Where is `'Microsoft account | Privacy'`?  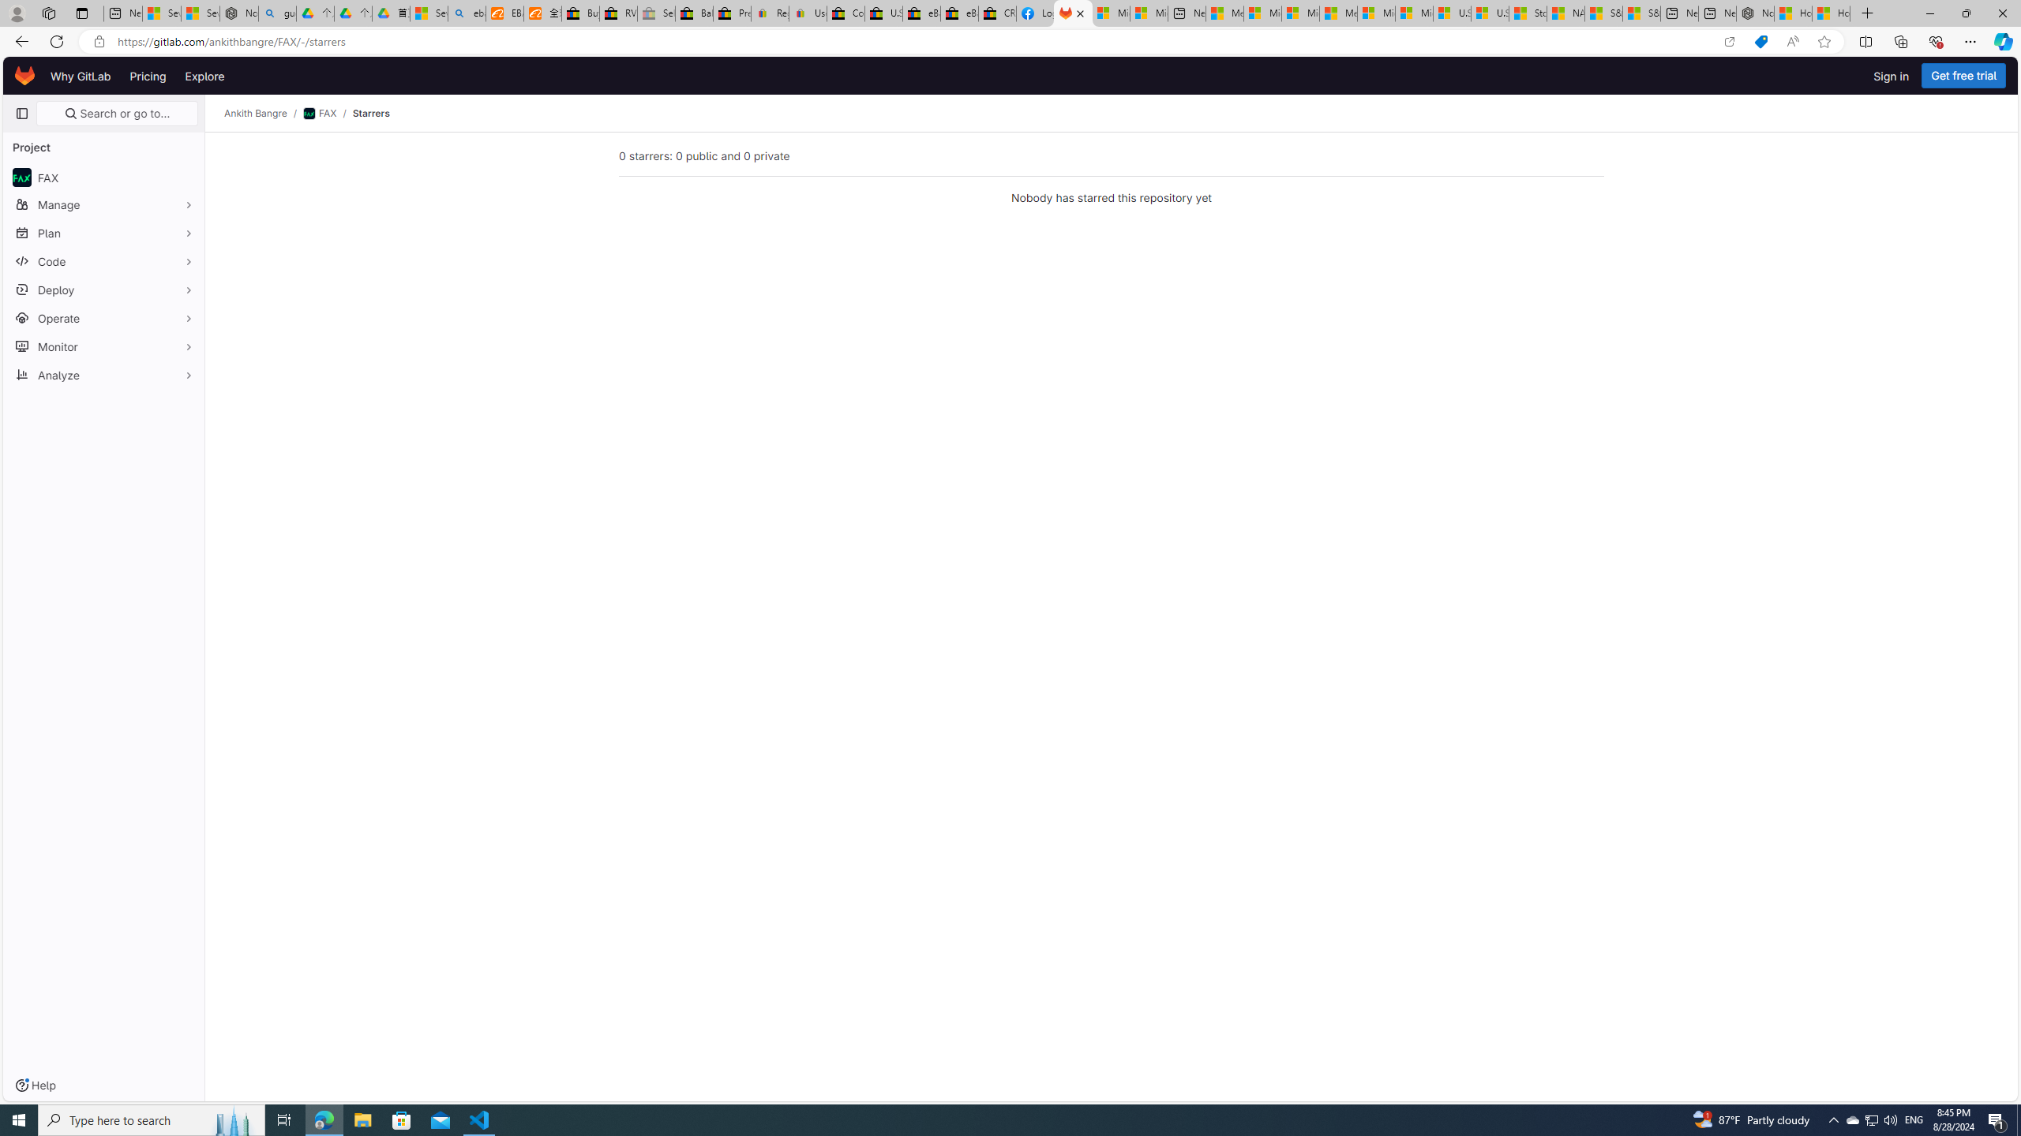 'Microsoft account | Privacy' is located at coordinates (1262, 13).